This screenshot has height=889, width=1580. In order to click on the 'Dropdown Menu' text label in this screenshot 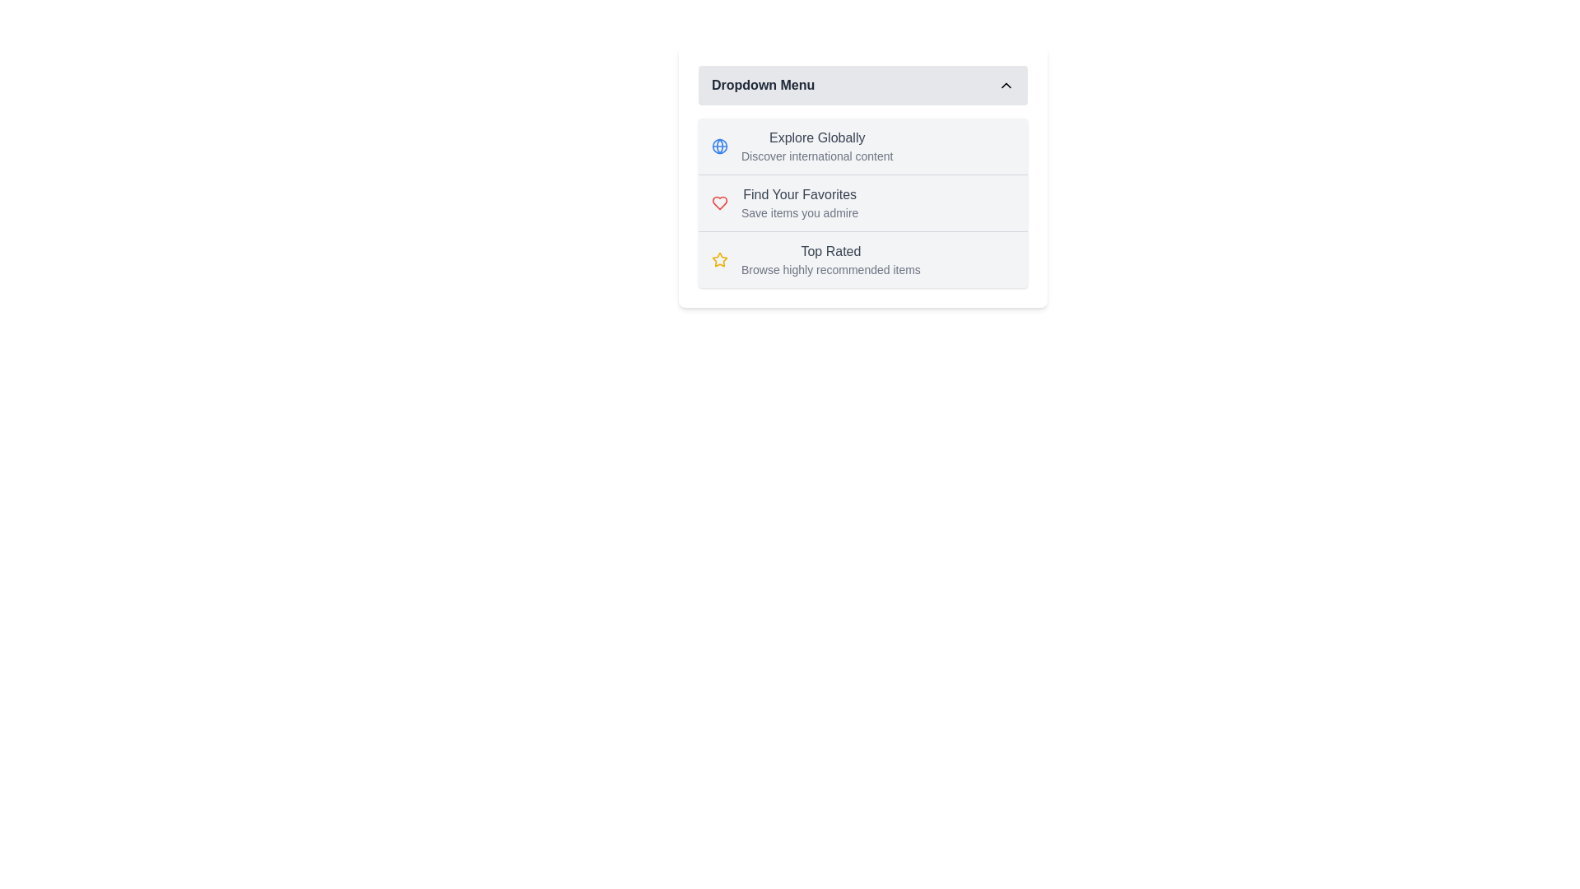, I will do `click(762, 86)`.